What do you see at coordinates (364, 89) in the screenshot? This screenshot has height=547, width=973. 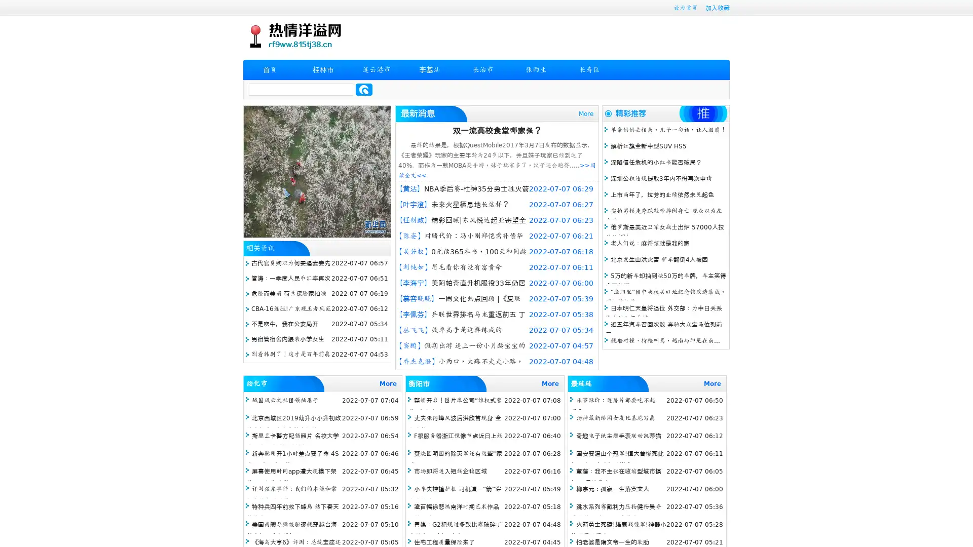 I see `Search` at bounding box center [364, 89].